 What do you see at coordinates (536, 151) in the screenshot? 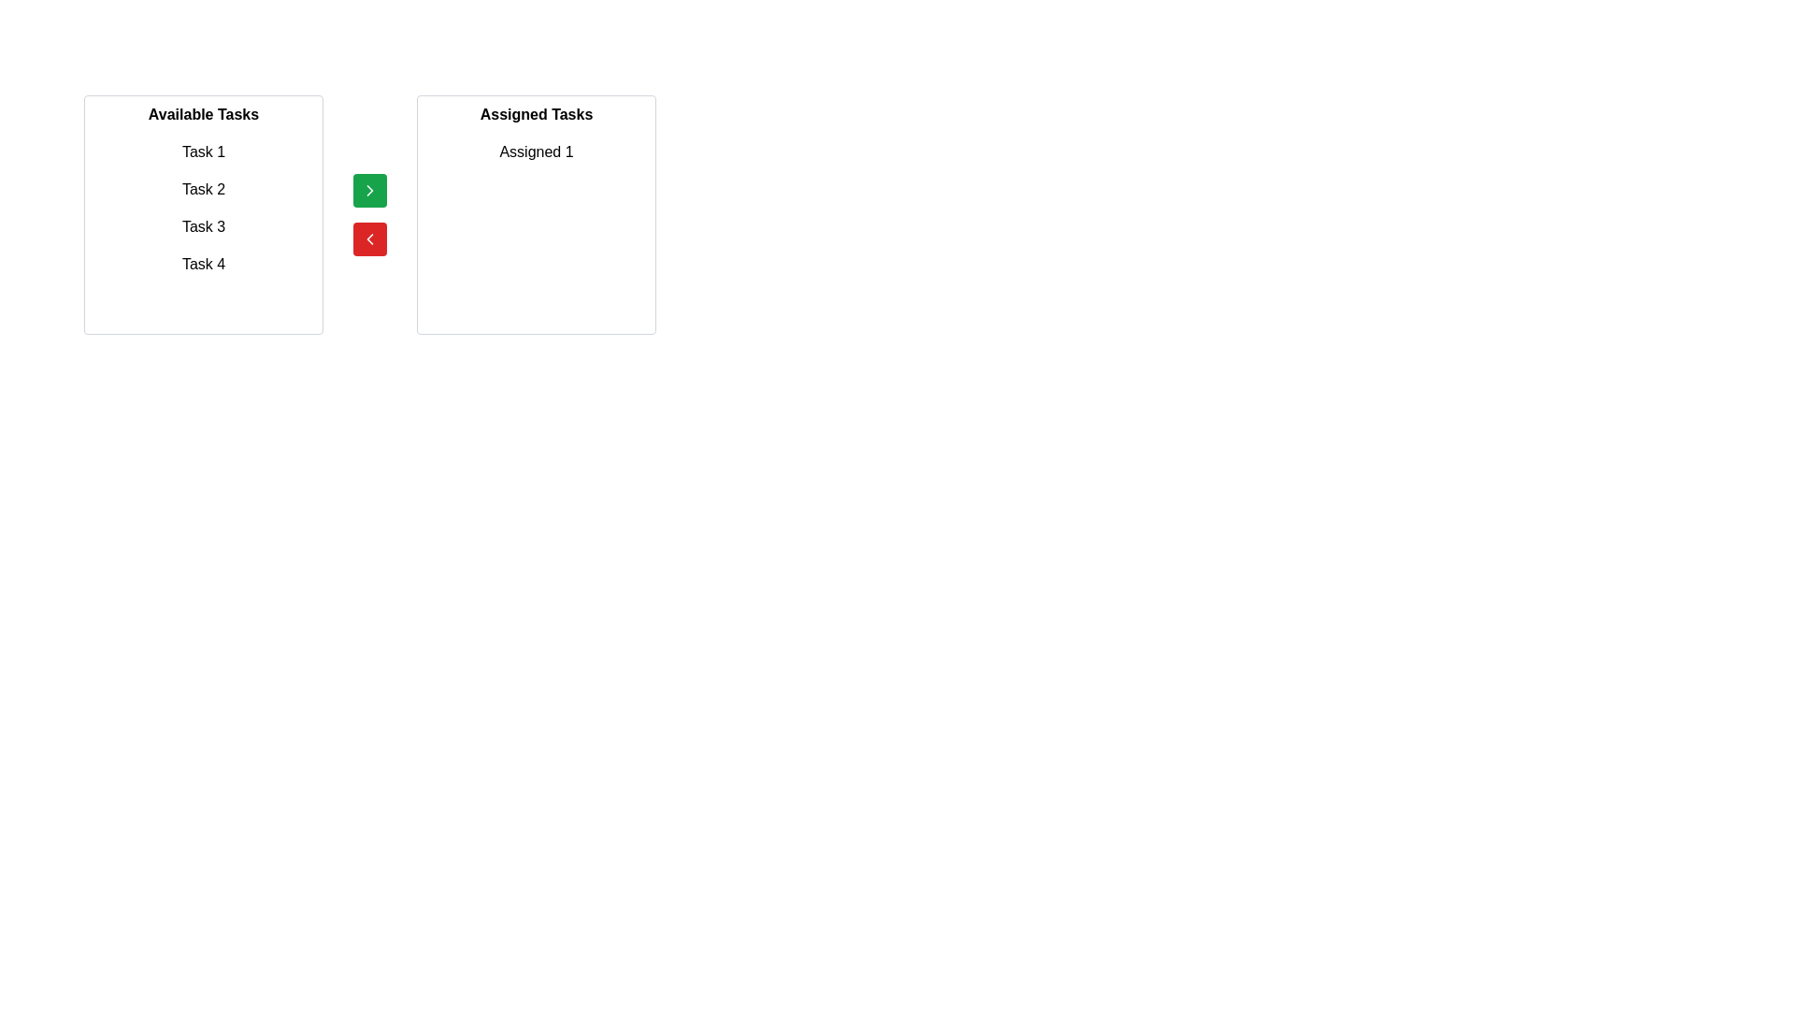
I see `the text label that displays 'Assigned 1', located under the title 'Assigned Tasks' in the right section of the interface` at bounding box center [536, 151].